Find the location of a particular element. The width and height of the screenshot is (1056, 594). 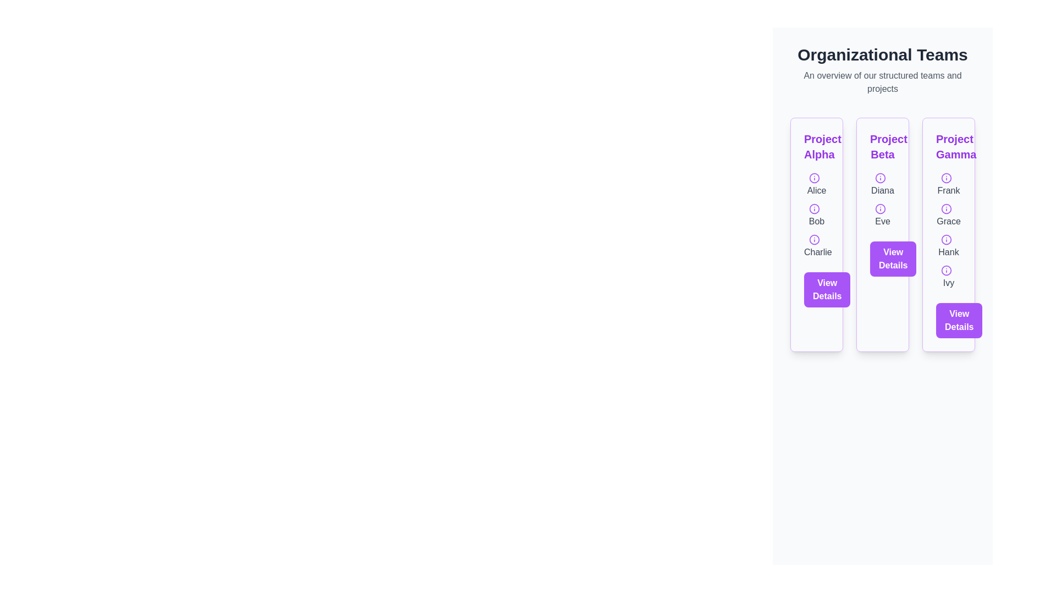

the purple circular Informational Icon with an 'info' symbol located next to 'Bob' in the user list under 'Project Alpha' is located at coordinates (815, 208).